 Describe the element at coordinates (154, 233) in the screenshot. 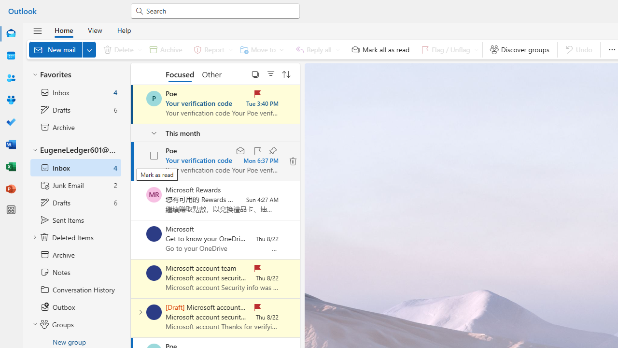

I see `'Microsoft'` at that location.